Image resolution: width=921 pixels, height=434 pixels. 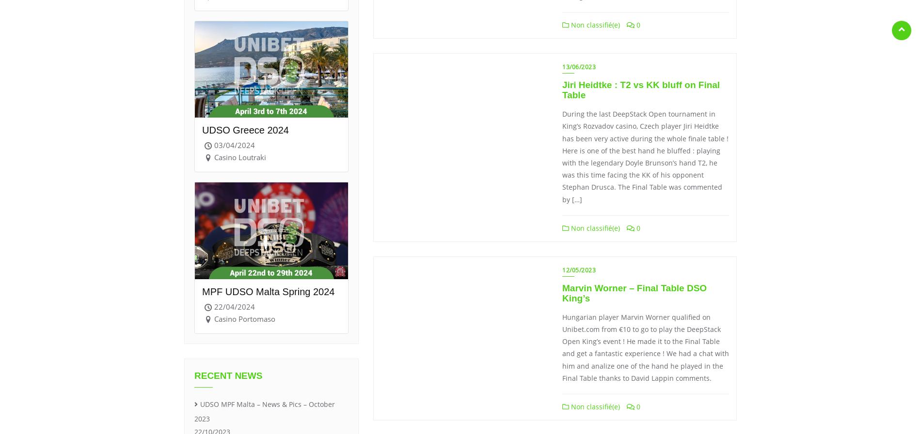 I want to click on '12/05/2023', so click(x=578, y=269).